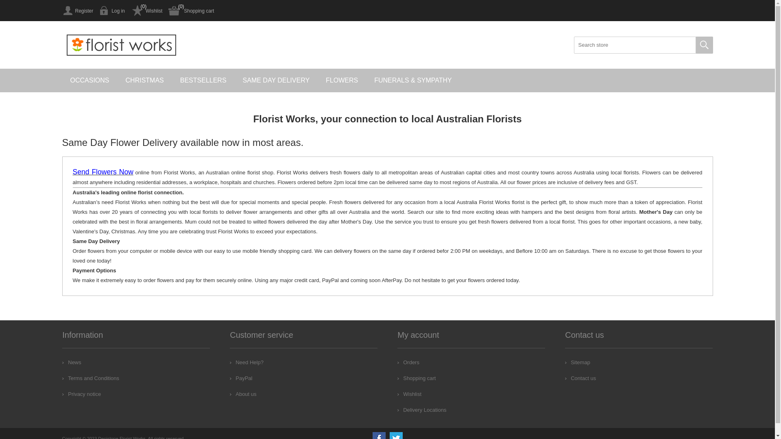 The height and width of the screenshot is (439, 781). Describe the element at coordinates (111, 11) in the screenshot. I see `'Log in'` at that location.